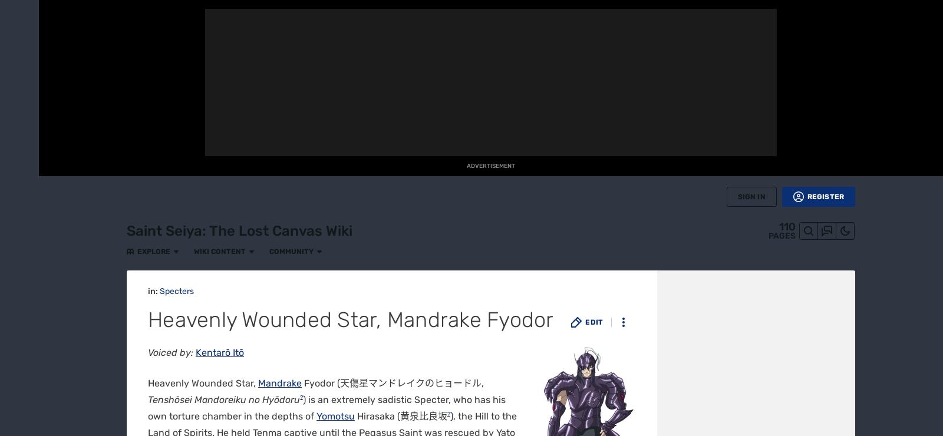  Describe the element at coordinates (8, 253) in the screenshot. I see `'Movies'` at that location.